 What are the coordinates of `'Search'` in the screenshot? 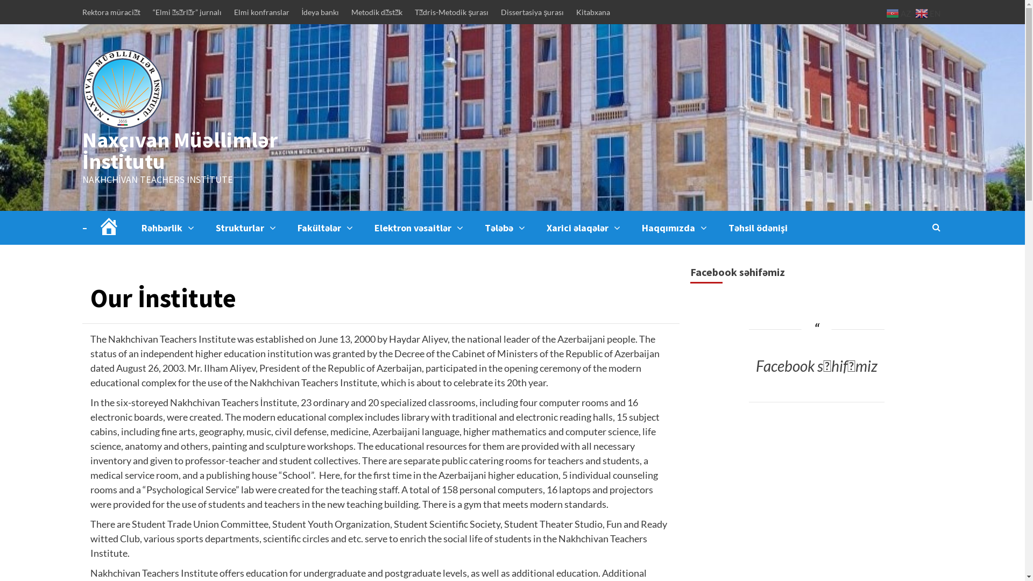 It's located at (936, 226).